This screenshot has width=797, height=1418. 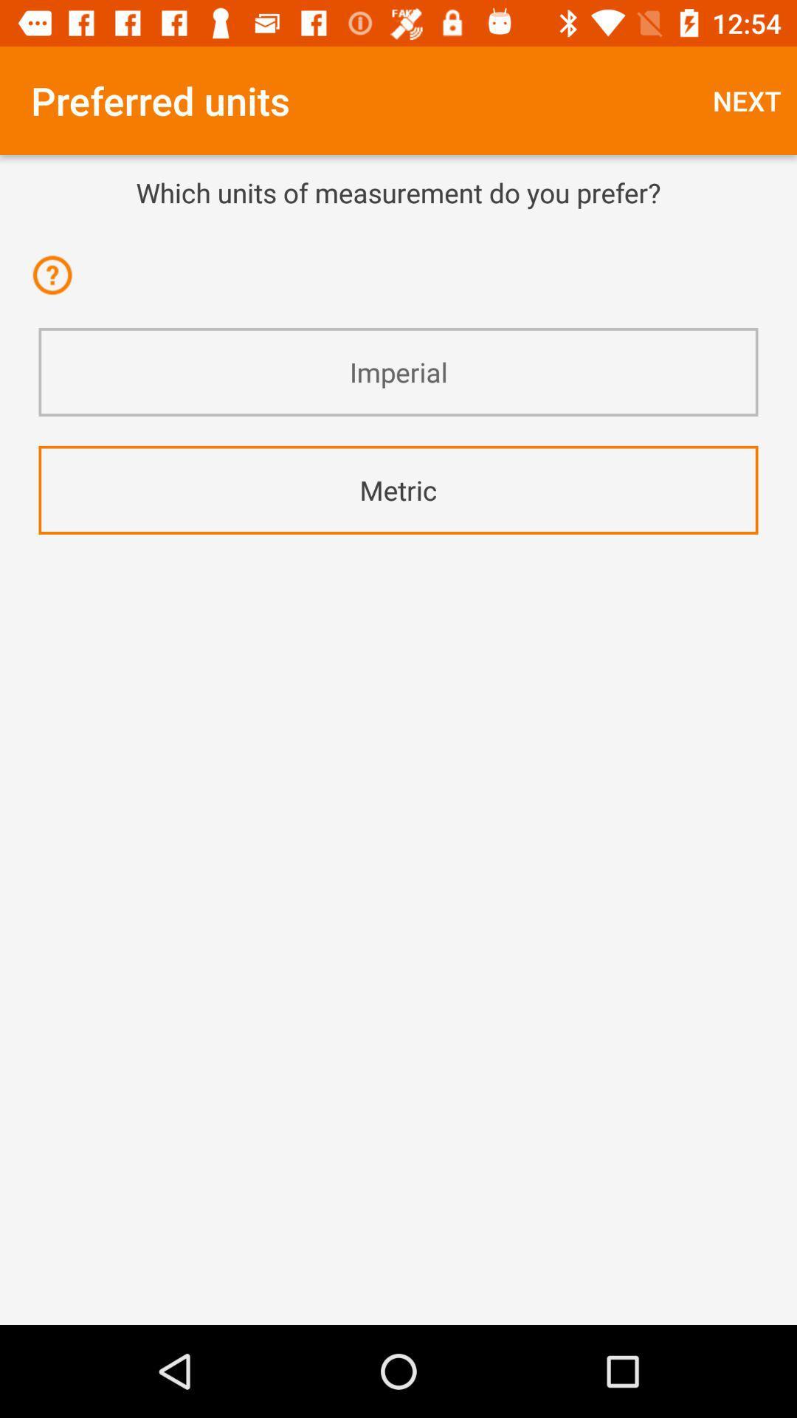 I want to click on the next item, so click(x=747, y=100).